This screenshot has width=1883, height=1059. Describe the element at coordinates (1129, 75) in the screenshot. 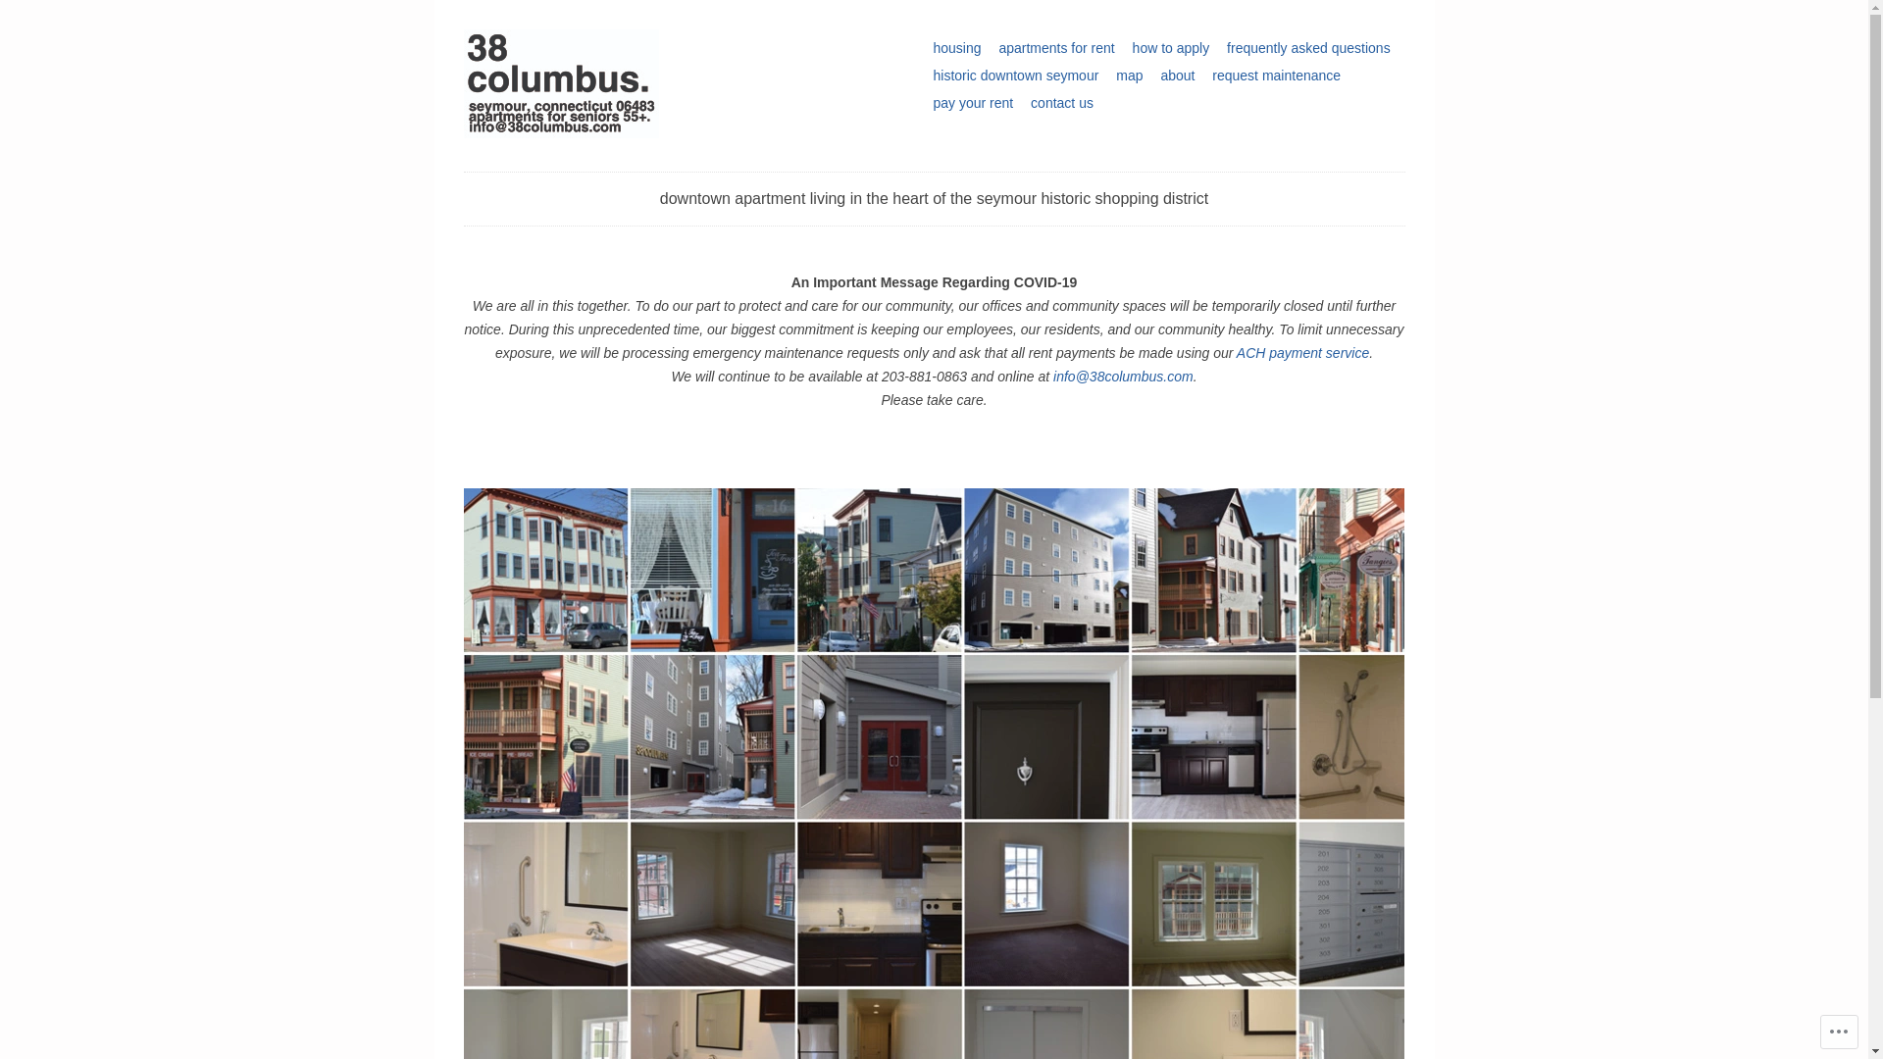

I see `'map'` at that location.